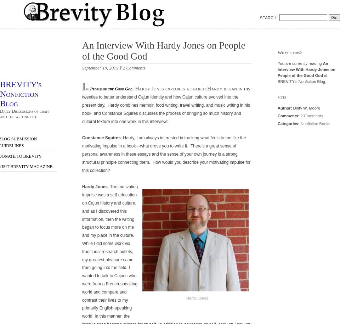 The width and height of the screenshot is (340, 324). Describe the element at coordinates (164, 50) in the screenshot. I see `'An Interview With Hardy Jones on People of the Good God'` at that location.